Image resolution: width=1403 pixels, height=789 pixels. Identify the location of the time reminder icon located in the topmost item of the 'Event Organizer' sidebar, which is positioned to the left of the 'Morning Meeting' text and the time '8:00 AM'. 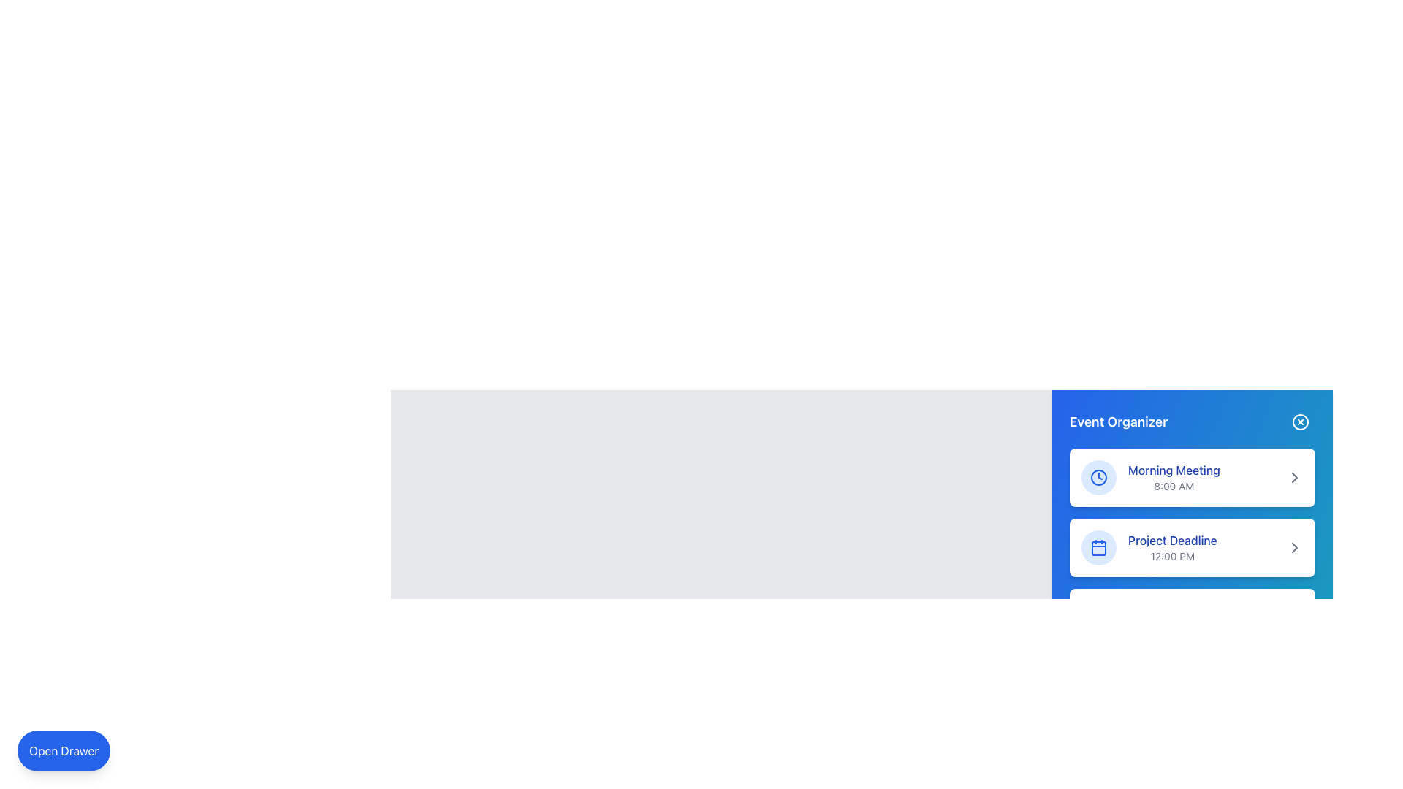
(1098, 478).